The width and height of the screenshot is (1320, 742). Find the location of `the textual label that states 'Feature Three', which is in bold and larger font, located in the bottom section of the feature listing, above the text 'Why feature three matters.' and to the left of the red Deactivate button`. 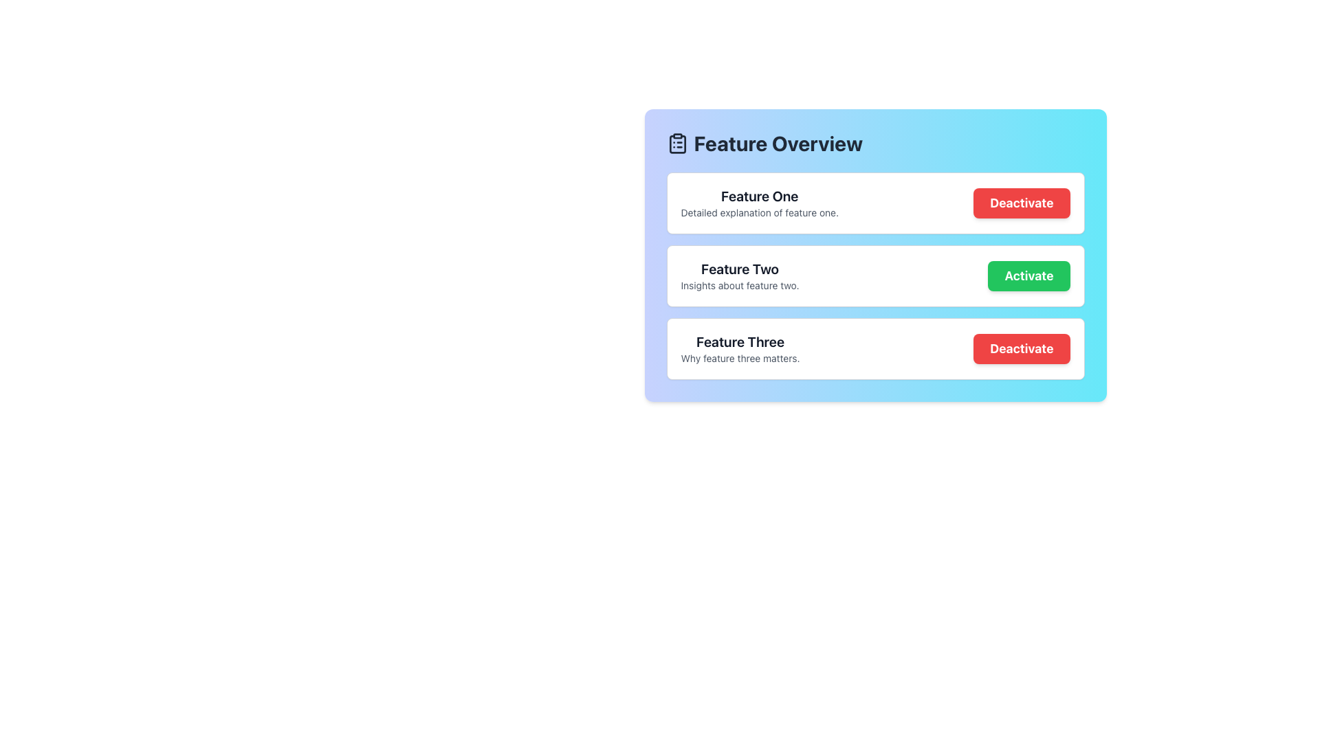

the textual label that states 'Feature Three', which is in bold and larger font, located in the bottom section of the feature listing, above the text 'Why feature three matters.' and to the left of the red Deactivate button is located at coordinates (739, 341).